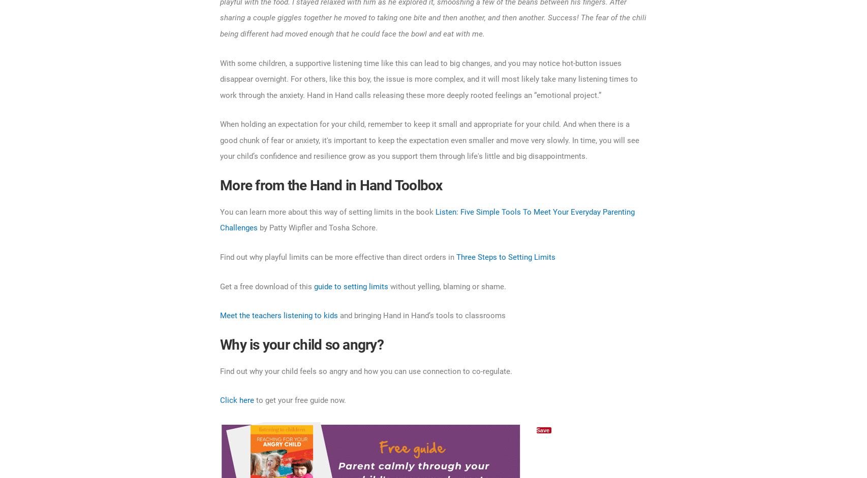 Image resolution: width=867 pixels, height=478 pixels. I want to click on 'and bringing Hand in Hand’s tools to classrooms', so click(421, 315).